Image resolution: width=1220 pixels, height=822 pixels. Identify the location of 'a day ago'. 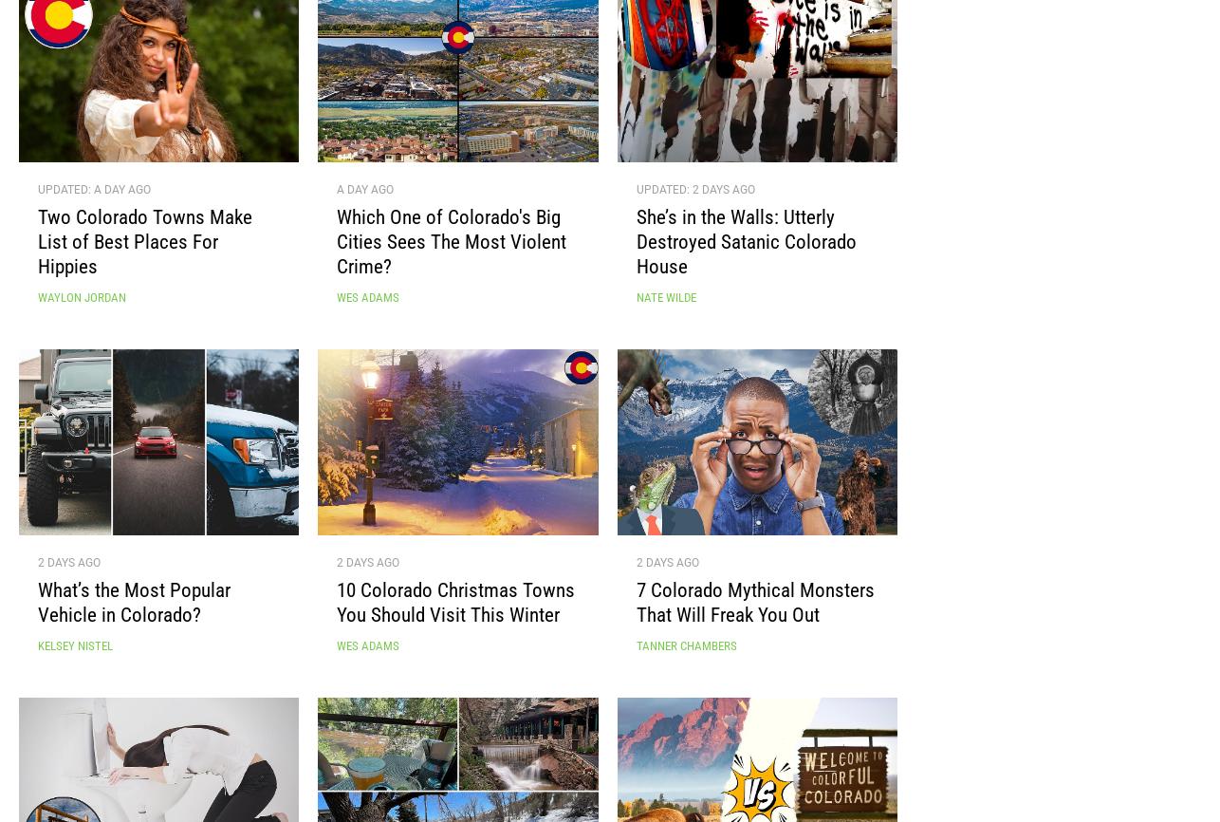
(364, 197).